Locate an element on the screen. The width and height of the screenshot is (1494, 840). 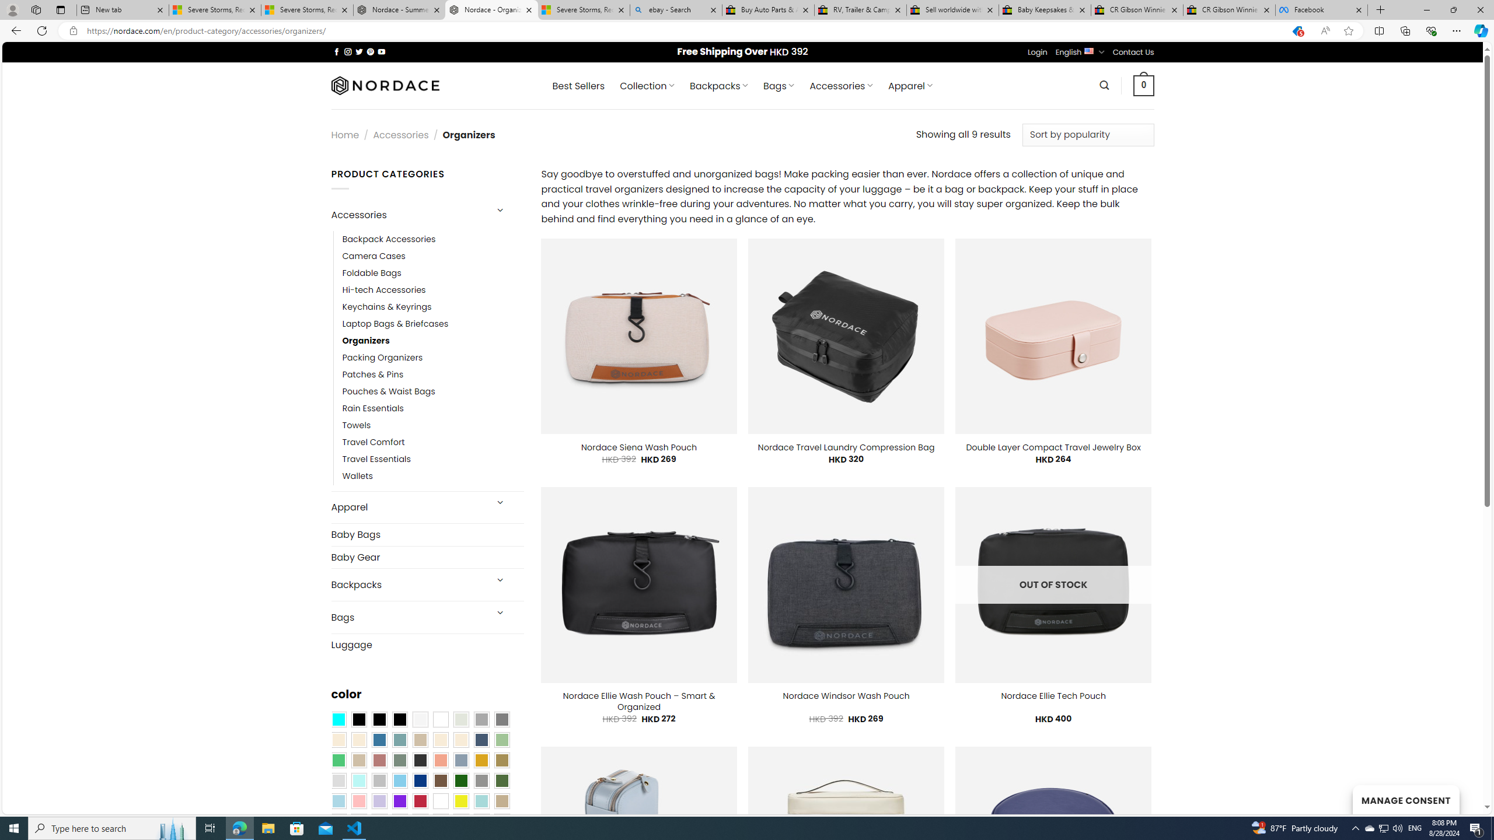
'All Black' is located at coordinates (358, 719).